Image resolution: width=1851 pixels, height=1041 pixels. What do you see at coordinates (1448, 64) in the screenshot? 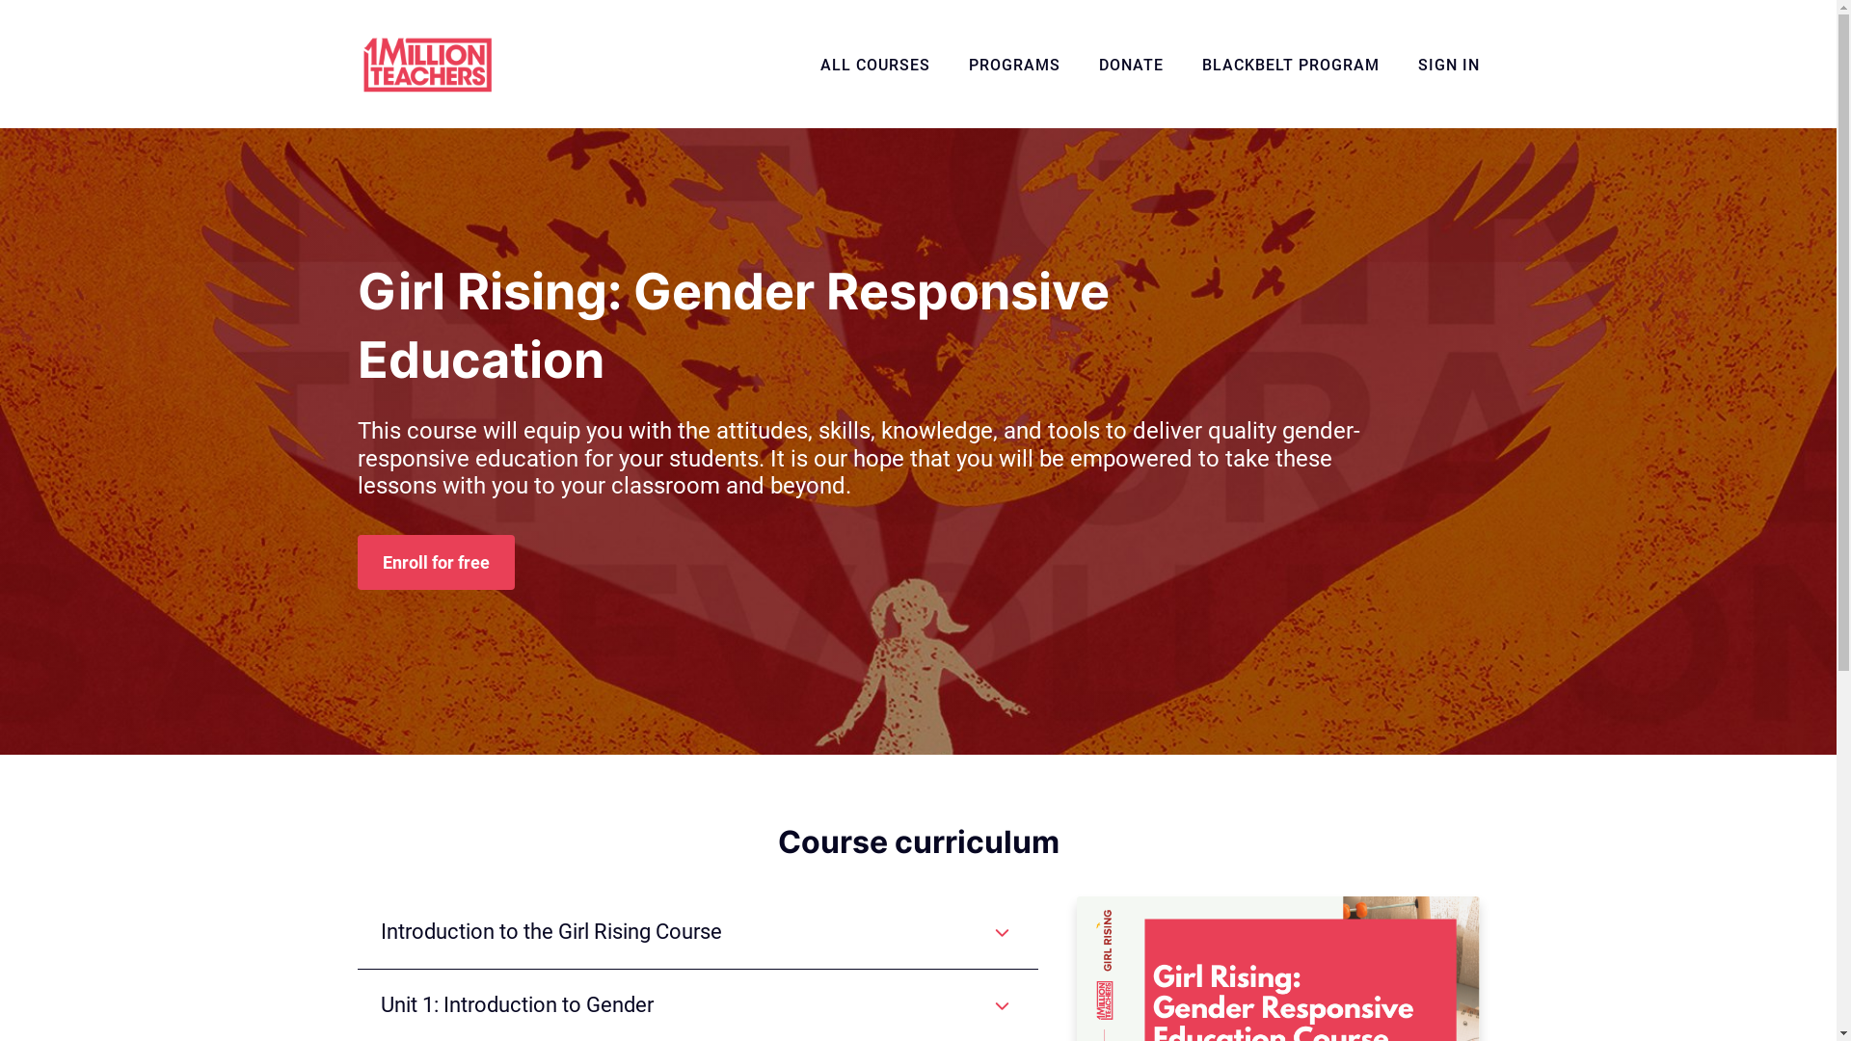
I see `'SIGN IN'` at bounding box center [1448, 64].